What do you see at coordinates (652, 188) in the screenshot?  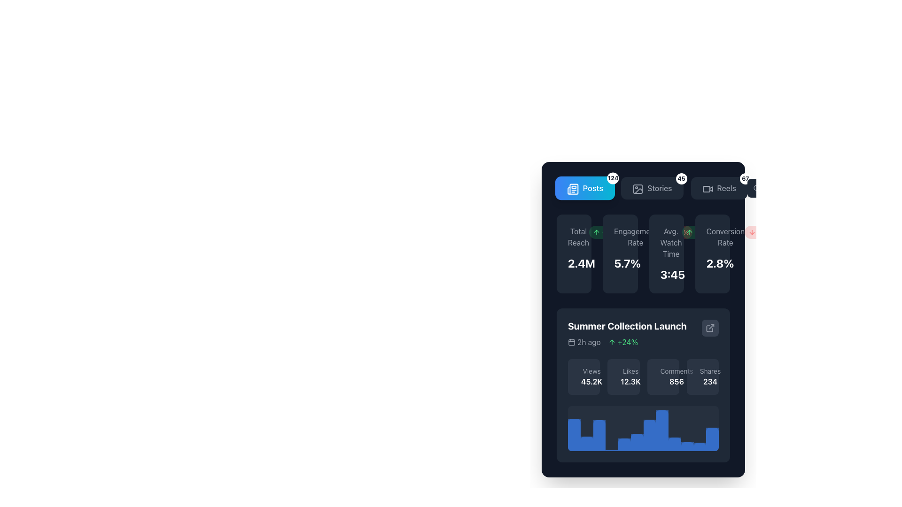 I see `the 'Stories' button, which is the second button with a dark grey background and a white circular badge displaying '45', located near the top-center of the interface` at bounding box center [652, 188].